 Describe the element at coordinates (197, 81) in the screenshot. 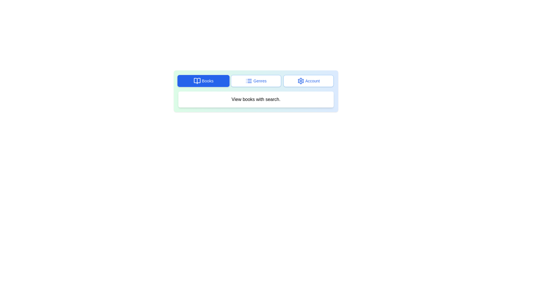

I see `the 'Books' icon located in the upper left part of the navigation bar, adjacent to the text label 'Books'` at that location.